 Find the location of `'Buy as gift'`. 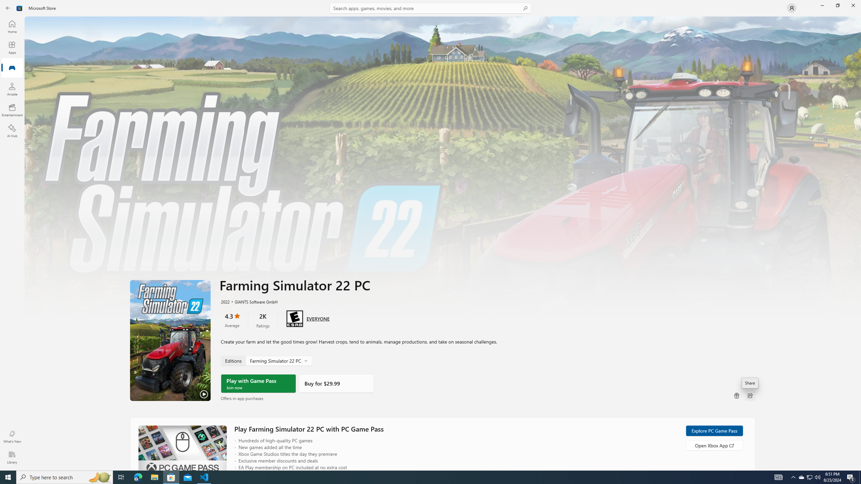

'Buy as gift' is located at coordinates (736, 395).